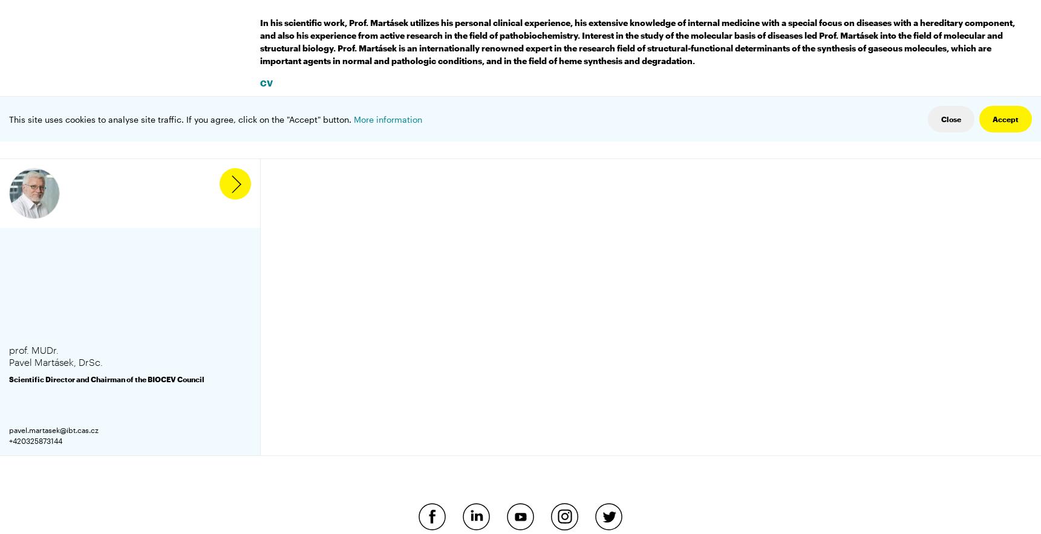 The height and width of the screenshot is (534, 1041). What do you see at coordinates (56, 361) in the screenshot?
I see `'Pavel Martásek, DrSc.'` at bounding box center [56, 361].